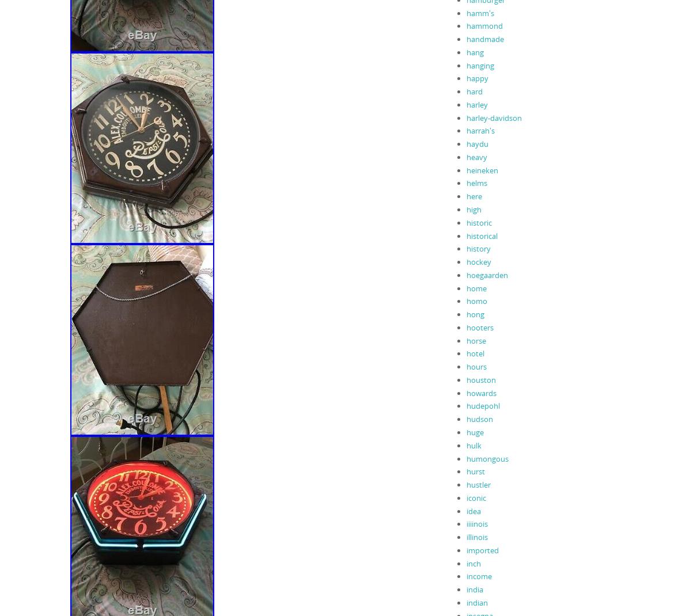  Describe the element at coordinates (479, 326) in the screenshot. I see `'hooters'` at that location.